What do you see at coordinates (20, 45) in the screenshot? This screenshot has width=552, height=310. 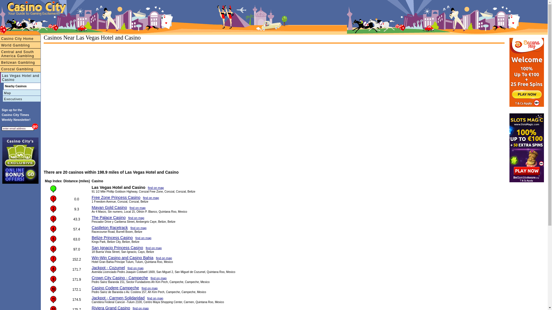 I see `'World Gambling'` at bounding box center [20, 45].